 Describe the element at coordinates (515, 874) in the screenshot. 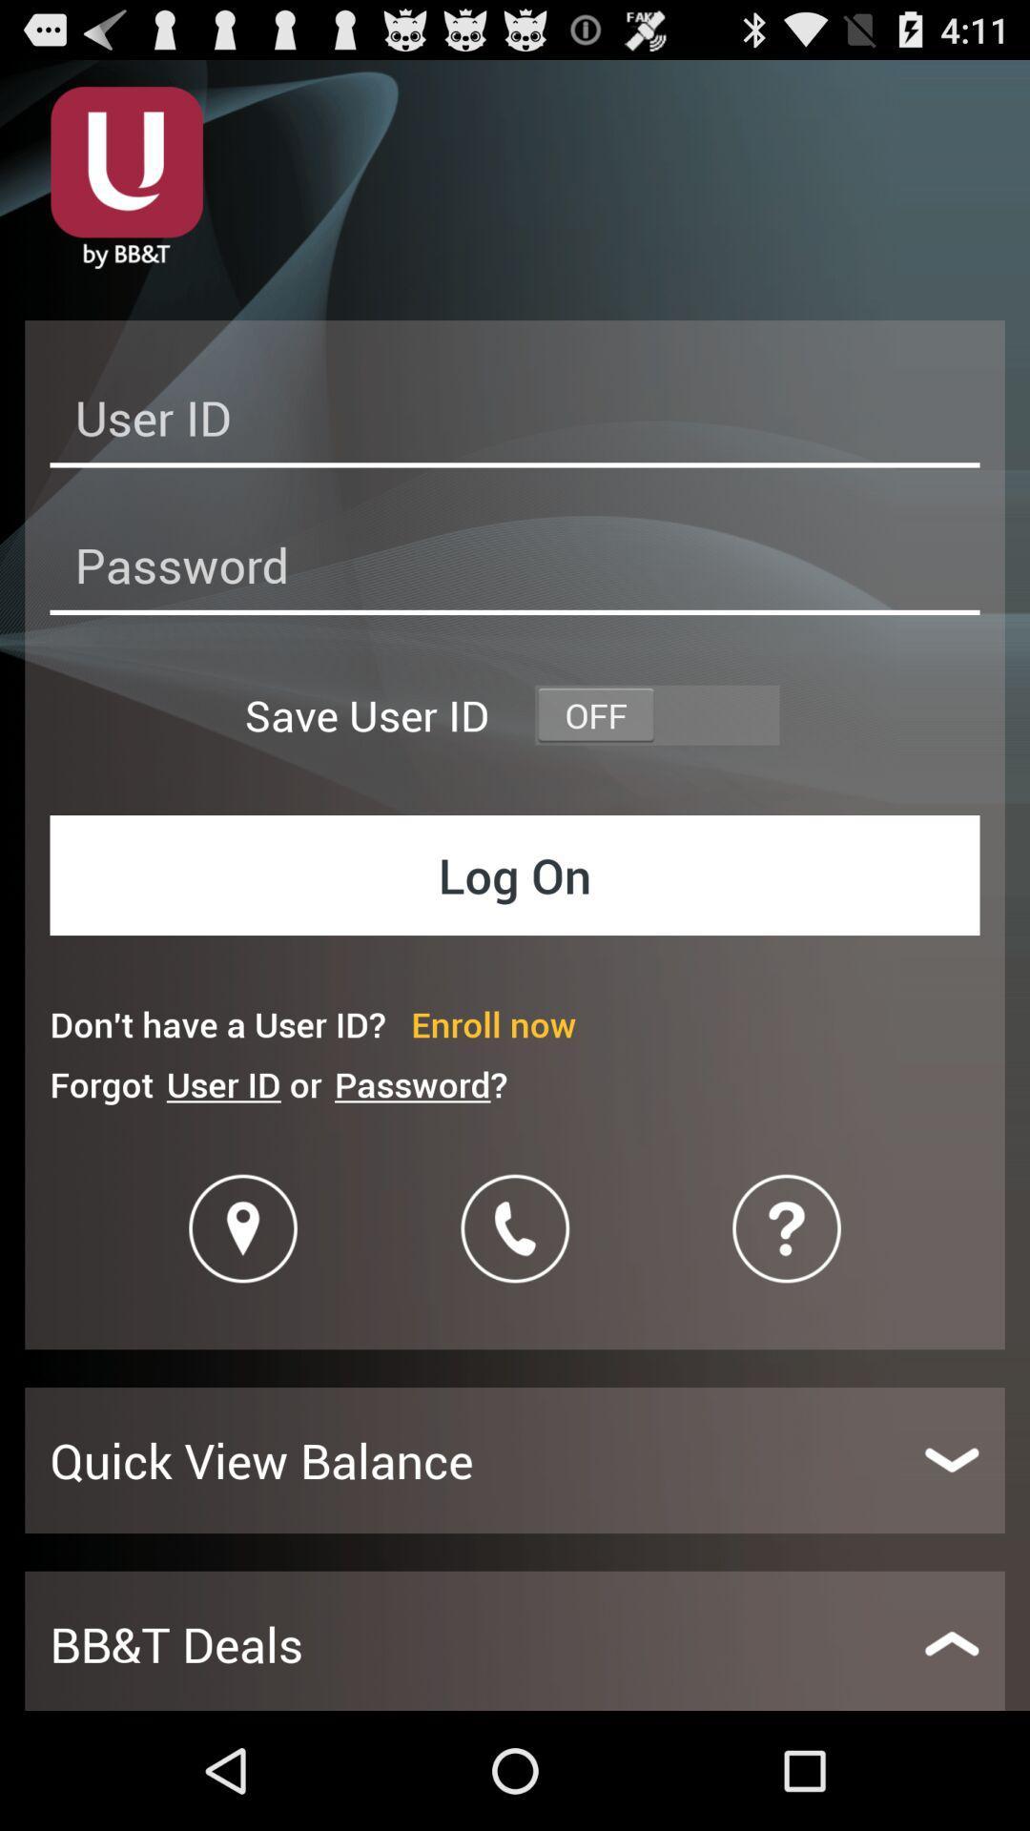

I see `the item below save user id icon` at that location.